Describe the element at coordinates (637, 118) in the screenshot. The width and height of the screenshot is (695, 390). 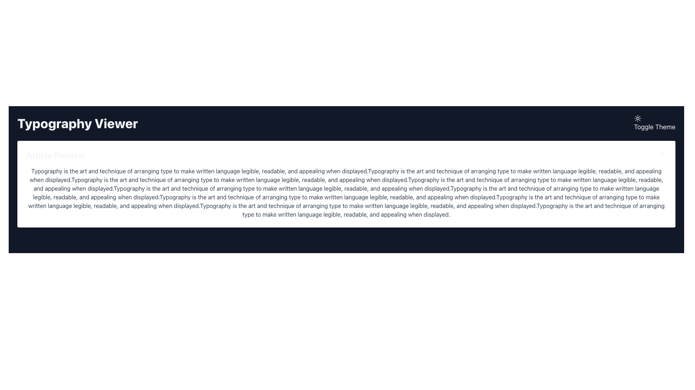
I see `the icon resembling a sun` at that location.